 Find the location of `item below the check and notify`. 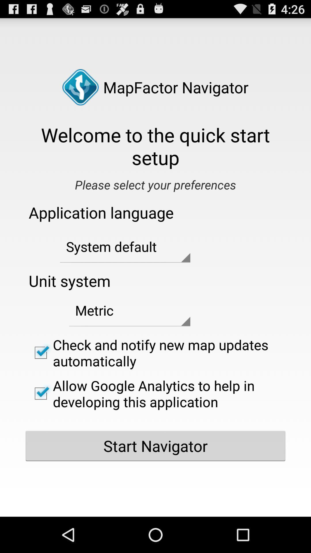

item below the check and notify is located at coordinates (155, 393).